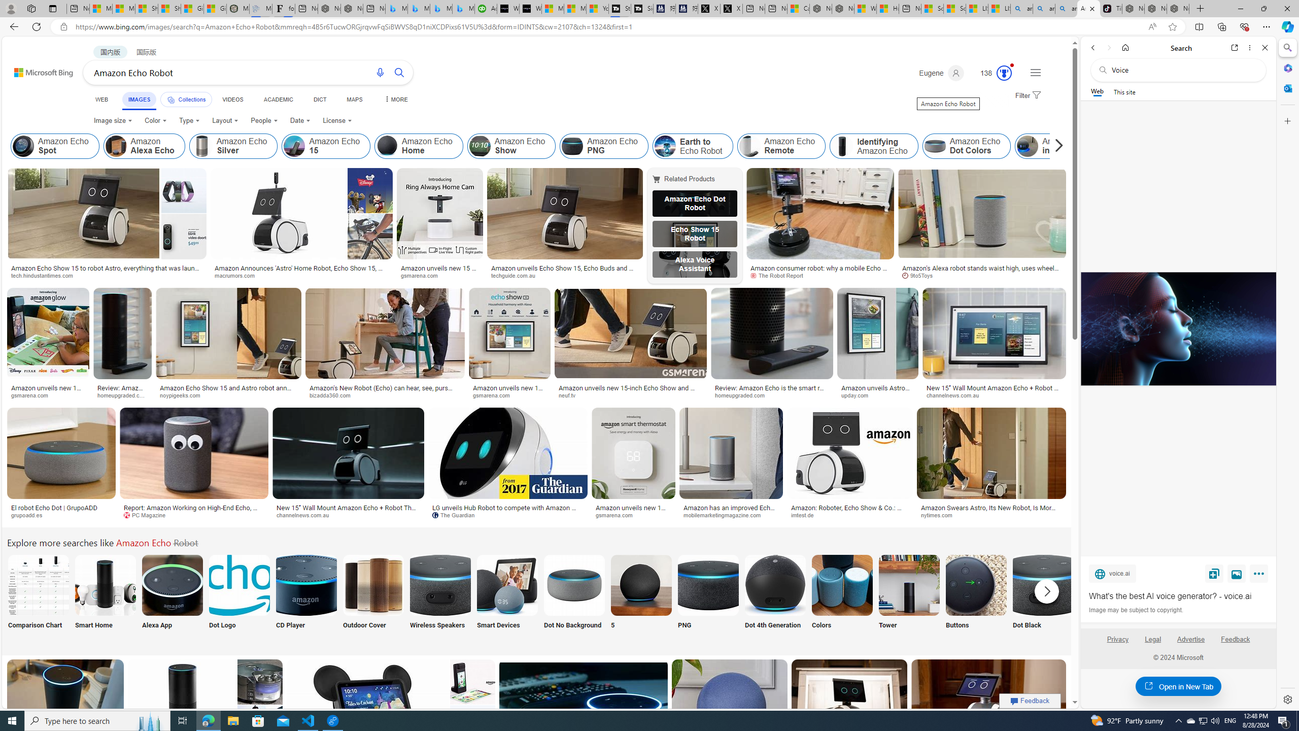 This screenshot has height=731, width=1299. What do you see at coordinates (385, 395) in the screenshot?
I see `'bizadda360.com'` at bounding box center [385, 395].